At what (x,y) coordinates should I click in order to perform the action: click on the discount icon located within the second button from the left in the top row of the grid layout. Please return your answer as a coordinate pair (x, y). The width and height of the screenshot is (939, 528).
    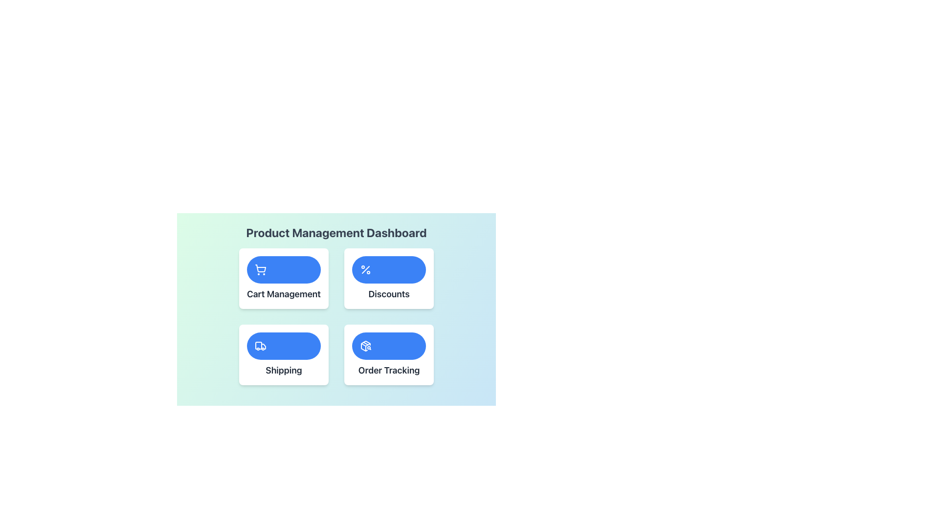
    Looking at the image, I should click on (365, 269).